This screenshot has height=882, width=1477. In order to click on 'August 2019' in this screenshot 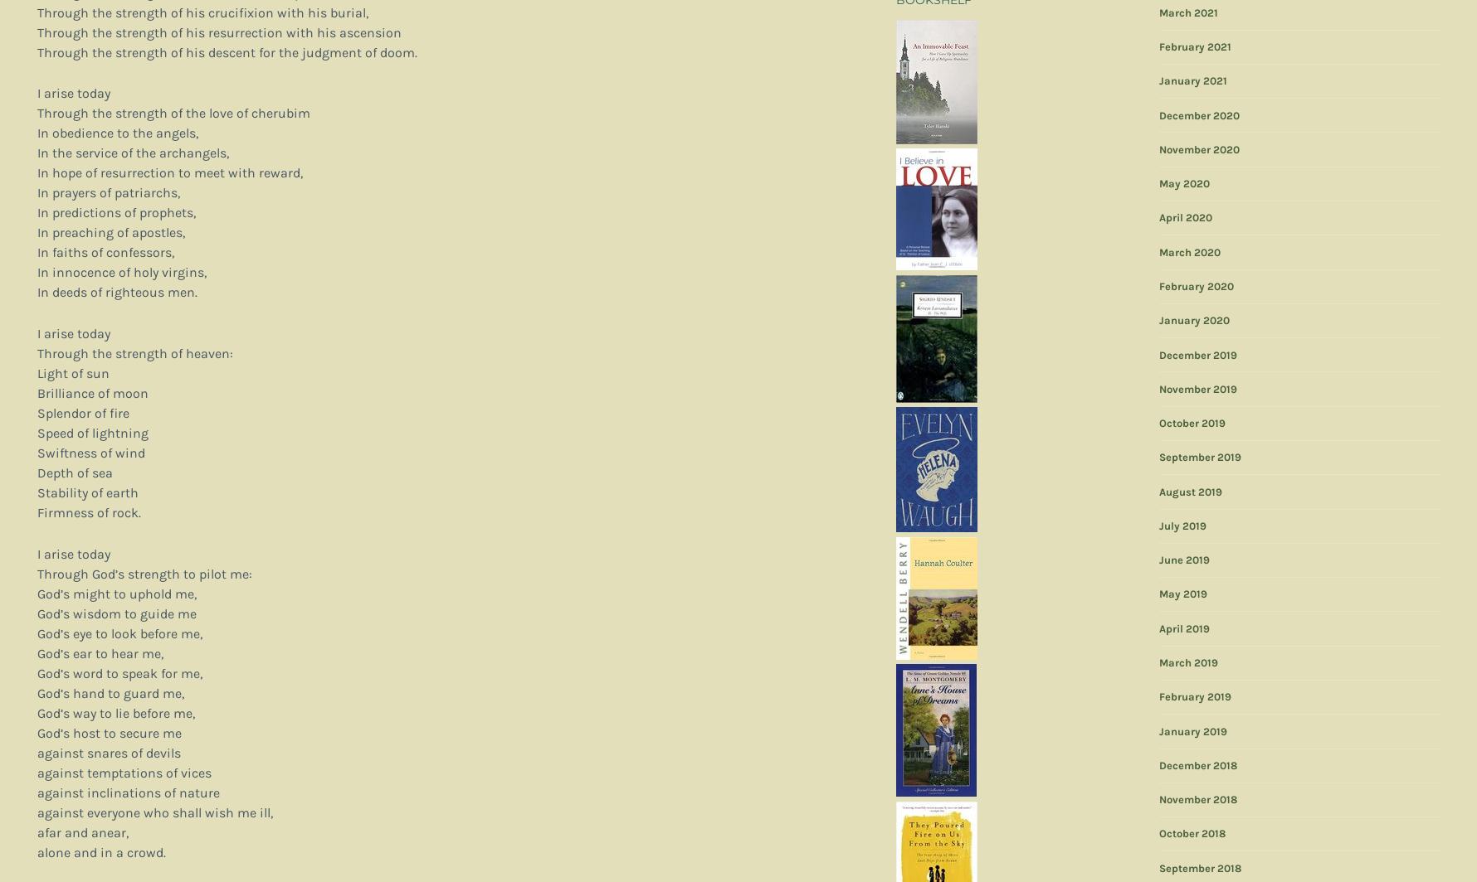, I will do `click(1190, 491)`.